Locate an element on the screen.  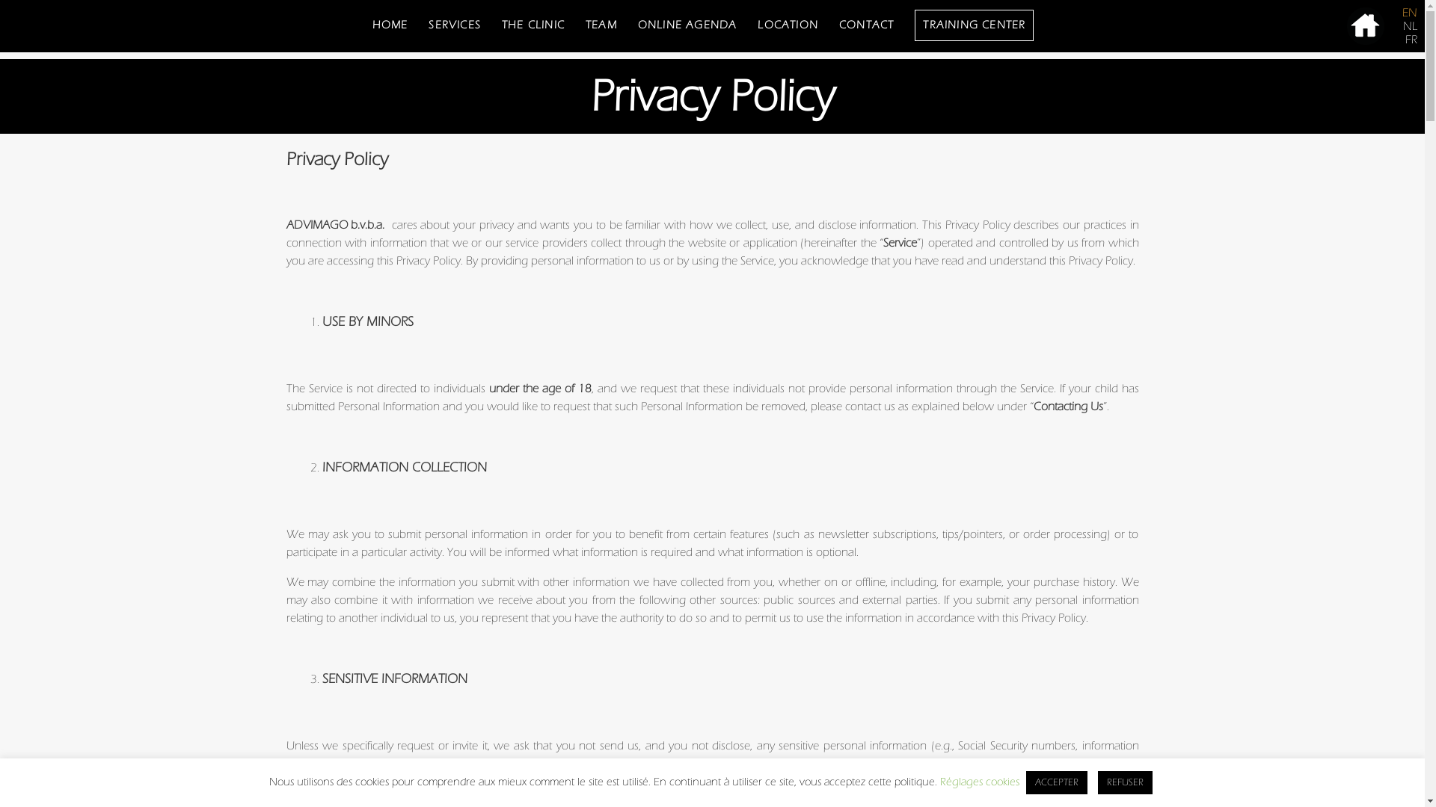
'LOCATION' is located at coordinates (787, 23).